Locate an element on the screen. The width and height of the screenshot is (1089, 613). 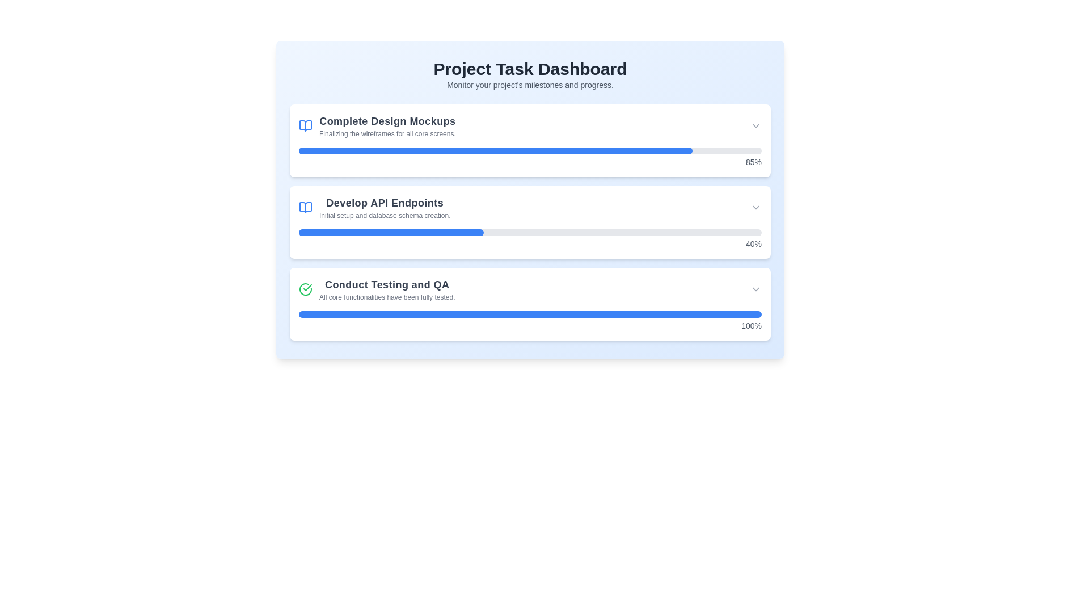
the Dropdown indicator or toggle button located in the top-right corner of the 'Develop API Endpoints' task card is located at coordinates (756, 208).